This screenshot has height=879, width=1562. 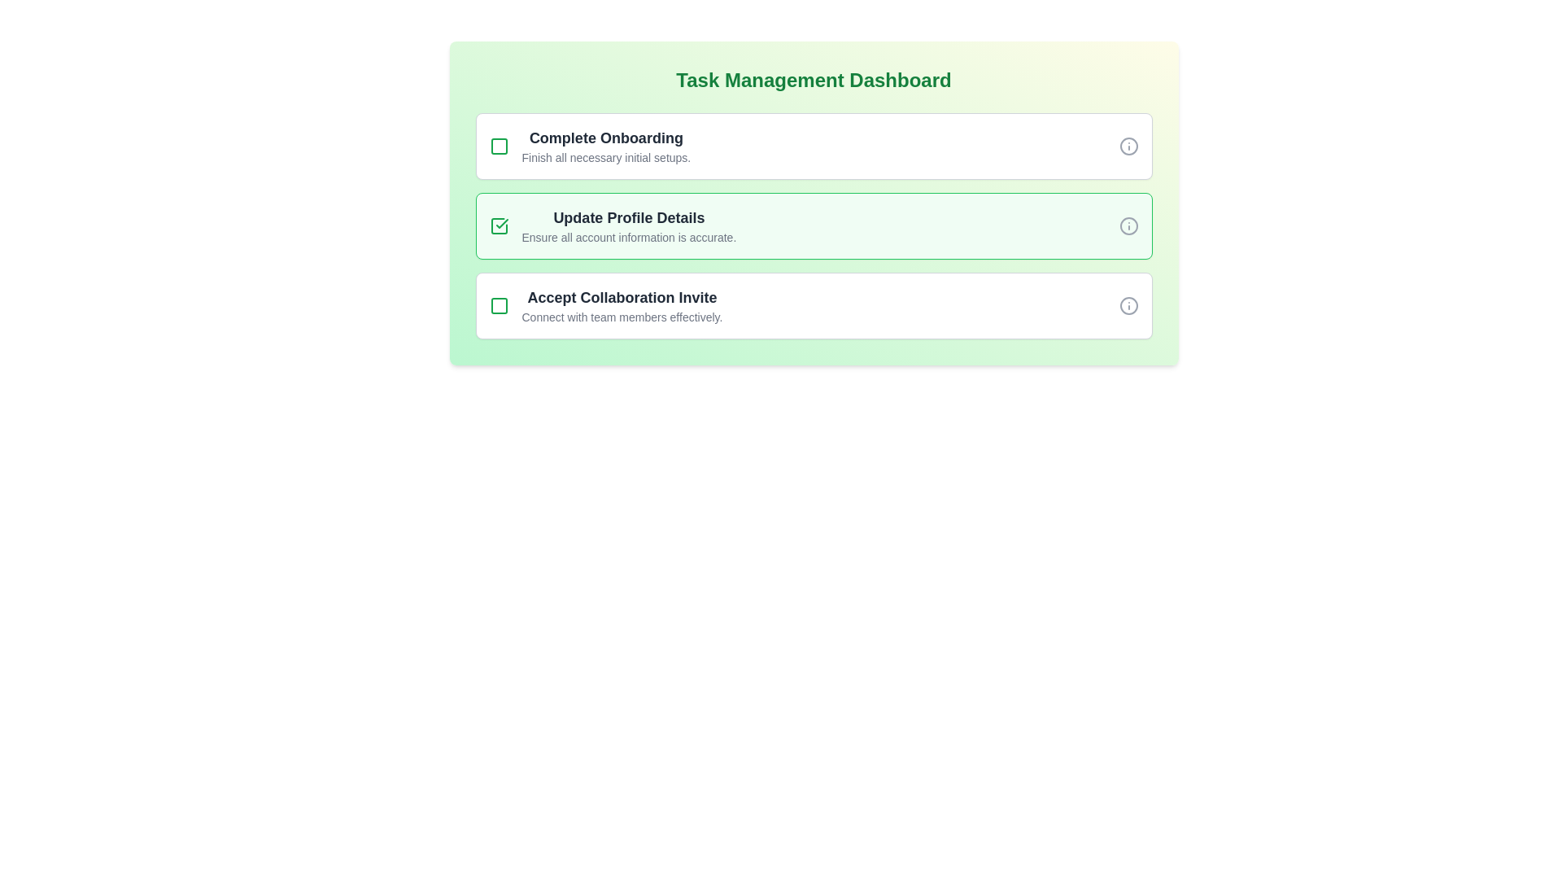 What do you see at coordinates (621, 305) in the screenshot?
I see `the text-based informational block titled 'Accept Collaboration Invite', which provides context for connecting with team members effectively` at bounding box center [621, 305].